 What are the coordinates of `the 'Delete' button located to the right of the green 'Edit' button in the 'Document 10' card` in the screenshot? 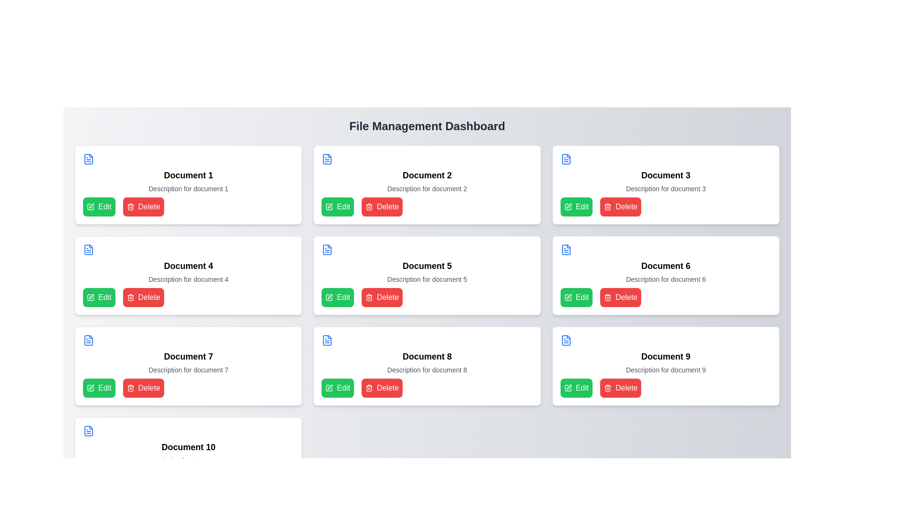 It's located at (143, 478).